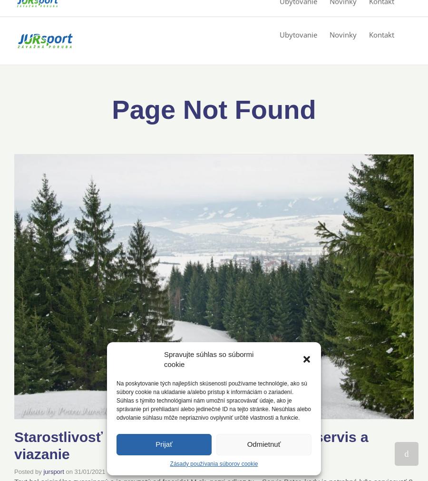 This screenshot has height=481, width=428. Describe the element at coordinates (191, 445) in the screenshot. I see `'Starostlivosť o lyže – voskovanie, brúsenie, servis a viazanie'` at that location.